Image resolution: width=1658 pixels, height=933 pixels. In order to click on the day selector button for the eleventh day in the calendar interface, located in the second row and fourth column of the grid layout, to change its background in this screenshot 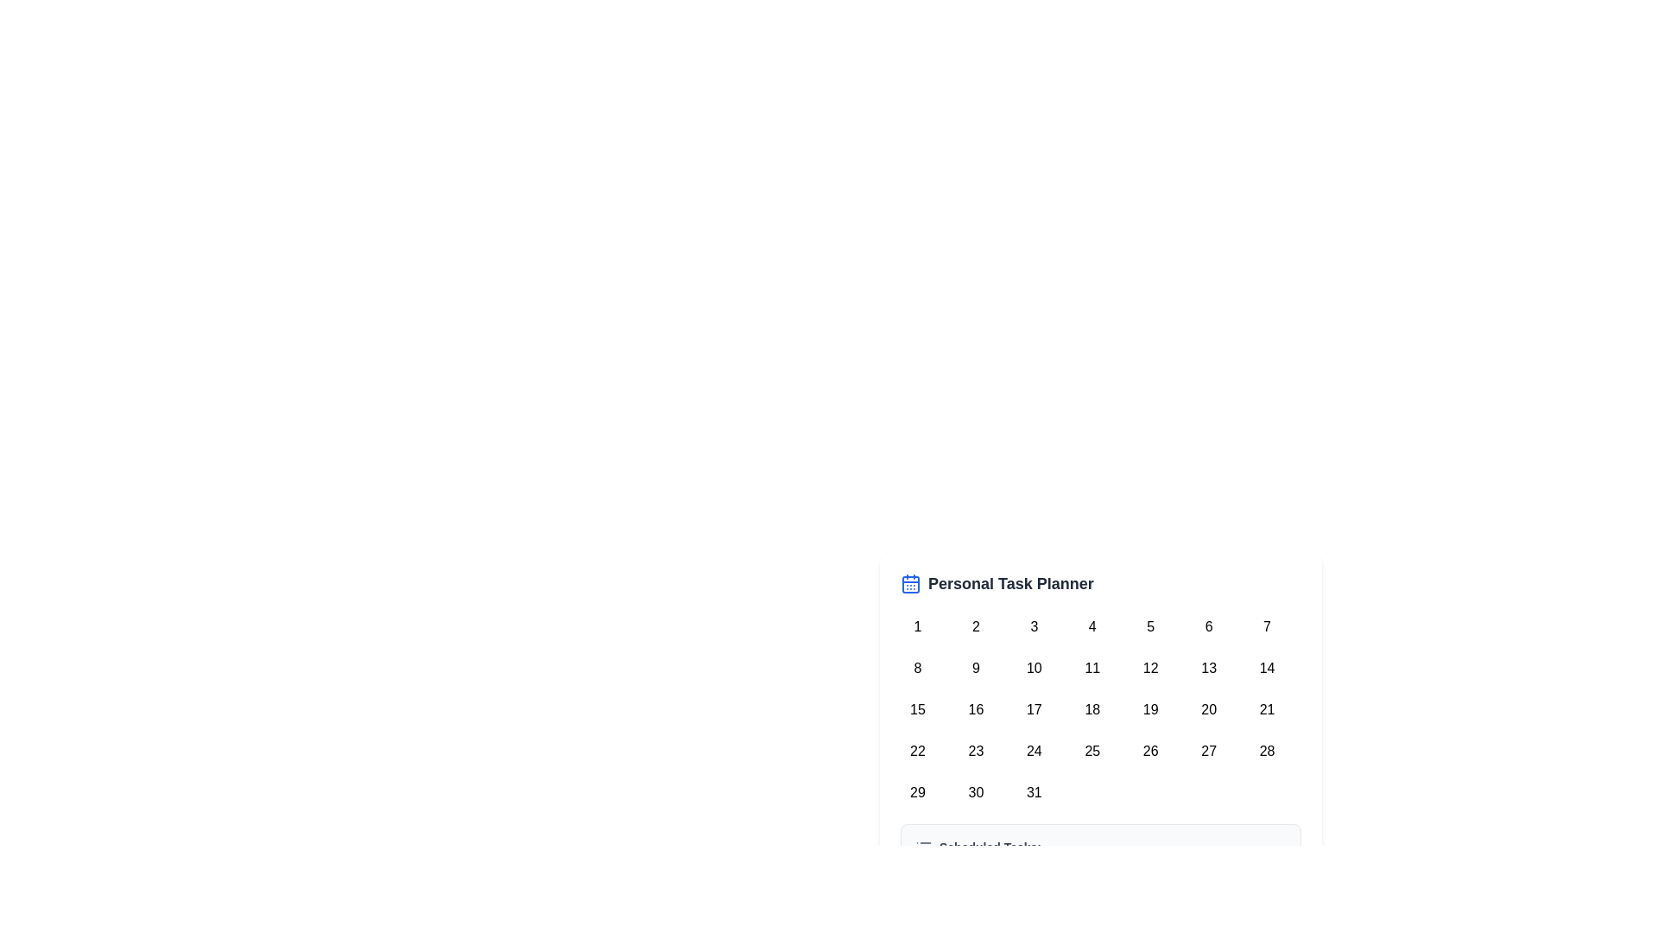, I will do `click(1092, 668)`.